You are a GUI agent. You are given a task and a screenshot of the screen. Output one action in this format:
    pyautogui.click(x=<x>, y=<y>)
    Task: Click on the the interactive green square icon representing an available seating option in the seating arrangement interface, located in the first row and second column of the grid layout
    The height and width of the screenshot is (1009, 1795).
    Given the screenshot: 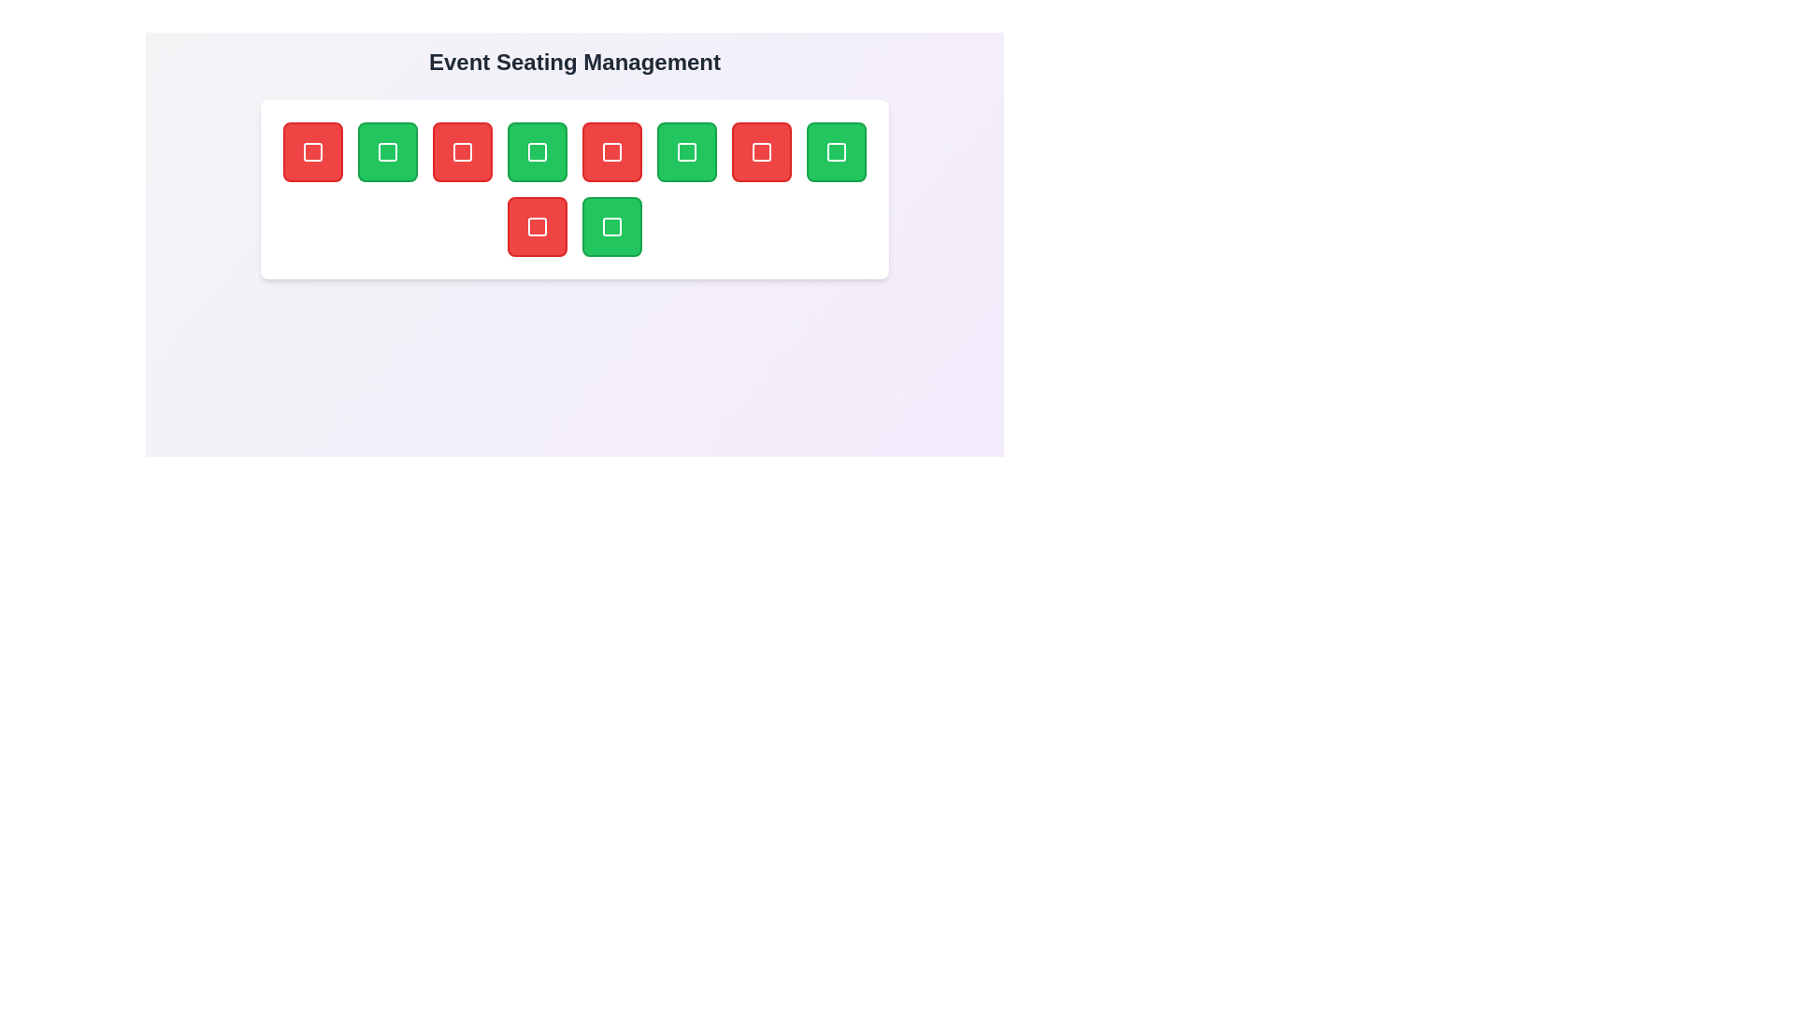 What is the action you would take?
    pyautogui.click(x=386, y=150)
    